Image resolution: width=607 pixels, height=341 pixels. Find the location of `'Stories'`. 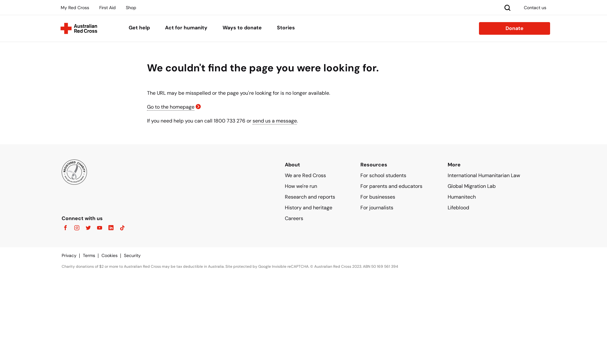

'Stories' is located at coordinates (285, 28).